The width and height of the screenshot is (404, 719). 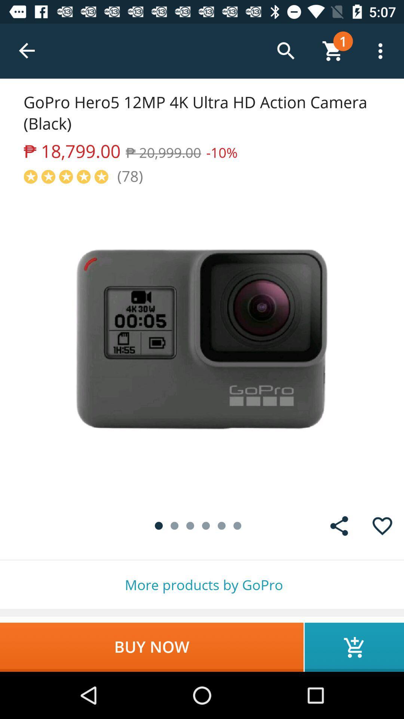 What do you see at coordinates (339, 525) in the screenshot?
I see `the share icon` at bounding box center [339, 525].